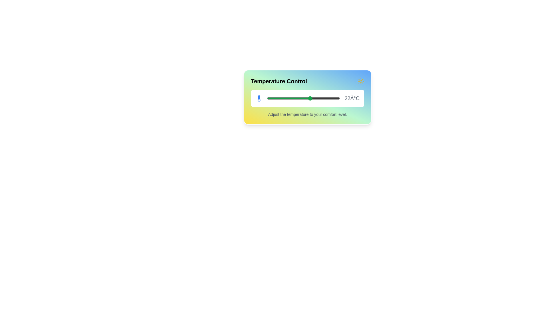  I want to click on the temperature icon located on the extreme left of the 'Temperature Control' panel, which visually represents the concept of temperature, so click(258, 98).